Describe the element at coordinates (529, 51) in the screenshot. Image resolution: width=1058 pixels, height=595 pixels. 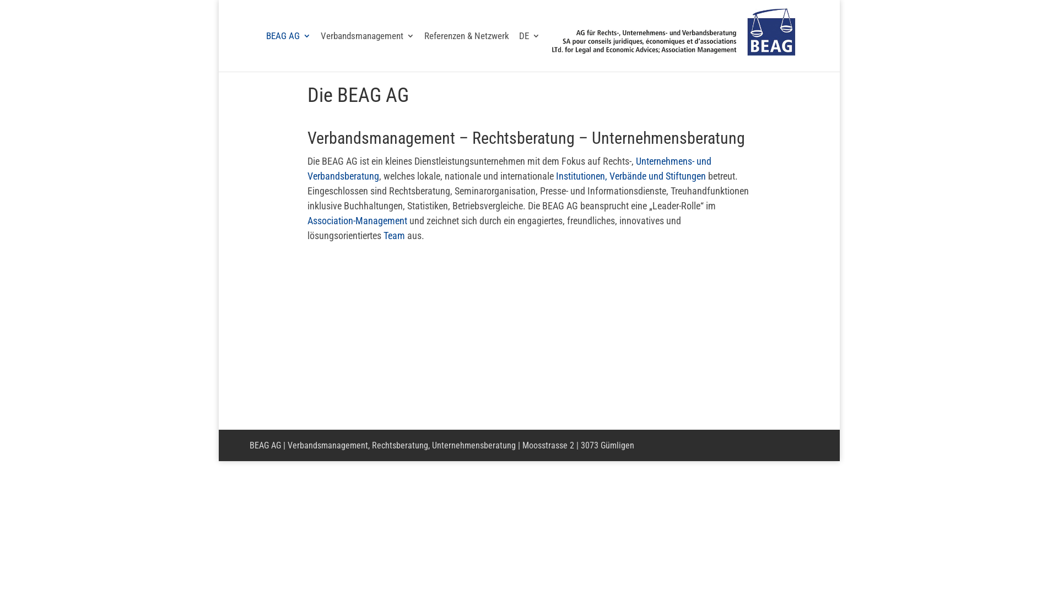
I see `'DE'` at that location.